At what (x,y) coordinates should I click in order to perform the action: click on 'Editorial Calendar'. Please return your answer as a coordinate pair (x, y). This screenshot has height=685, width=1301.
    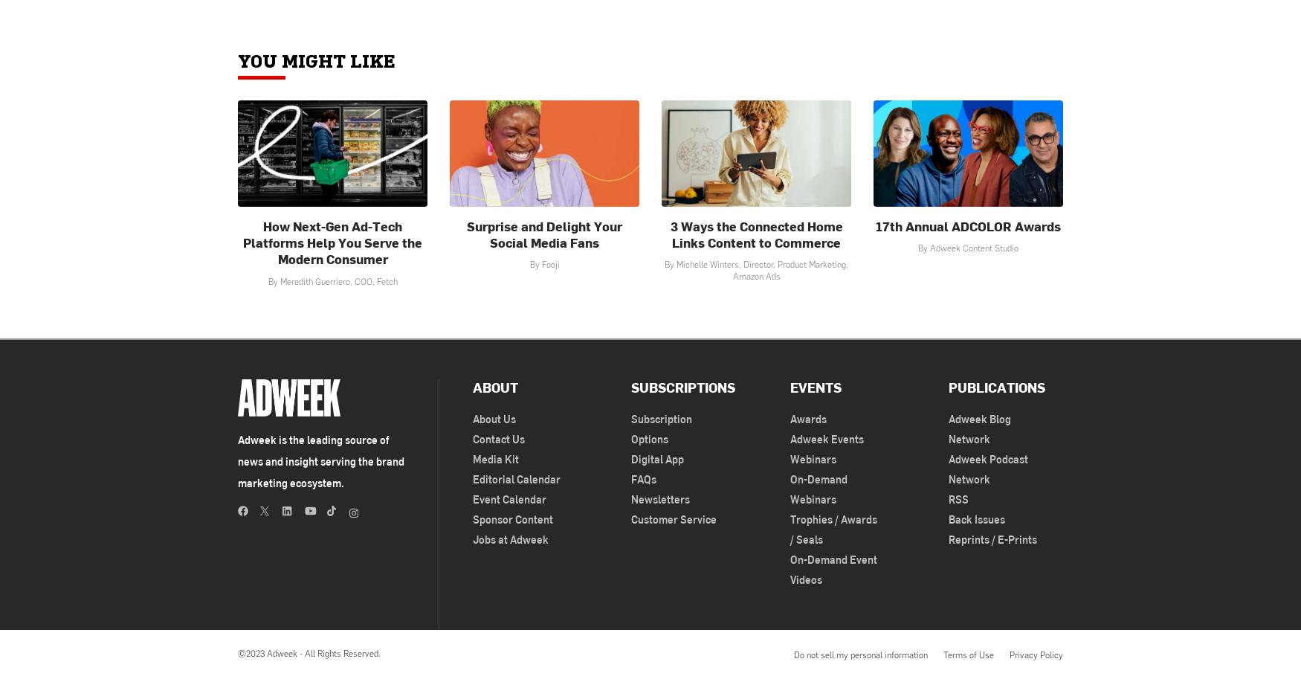
    Looking at the image, I should click on (471, 478).